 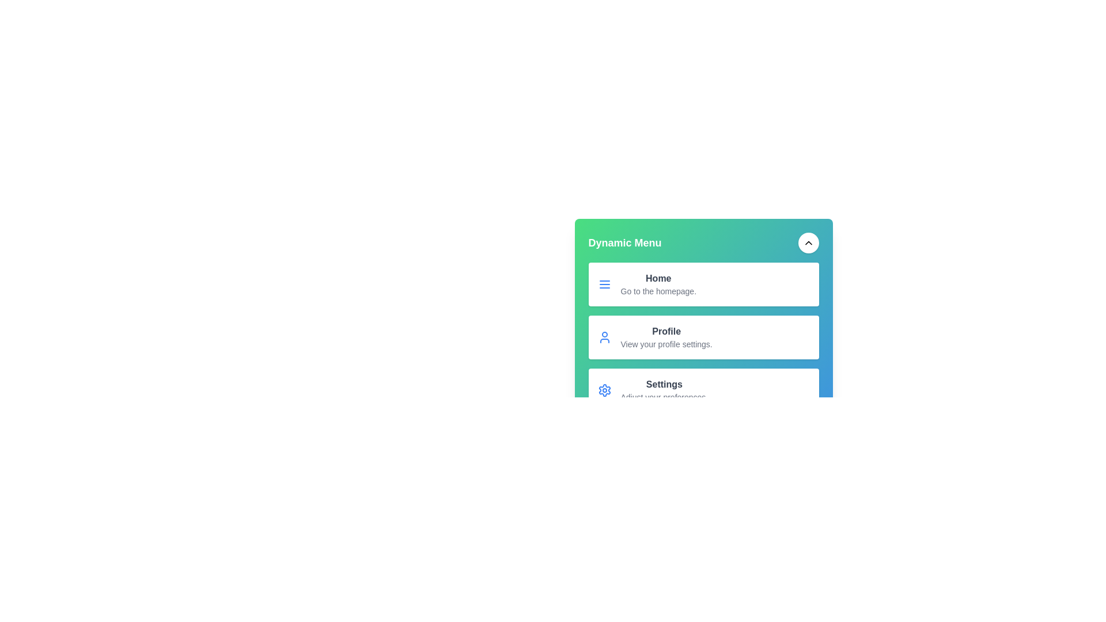 I want to click on the descriptive text element labeled 'Adjust your preferences.' which is styled in a small light grey font and positioned below the 'Settings' label in the 'Settings' section, so click(x=664, y=397).